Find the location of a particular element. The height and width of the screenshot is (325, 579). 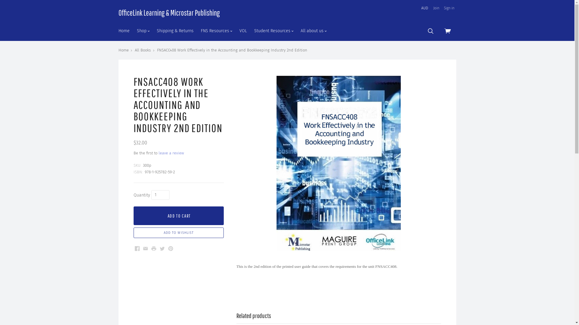

'Join' is located at coordinates (436, 8).